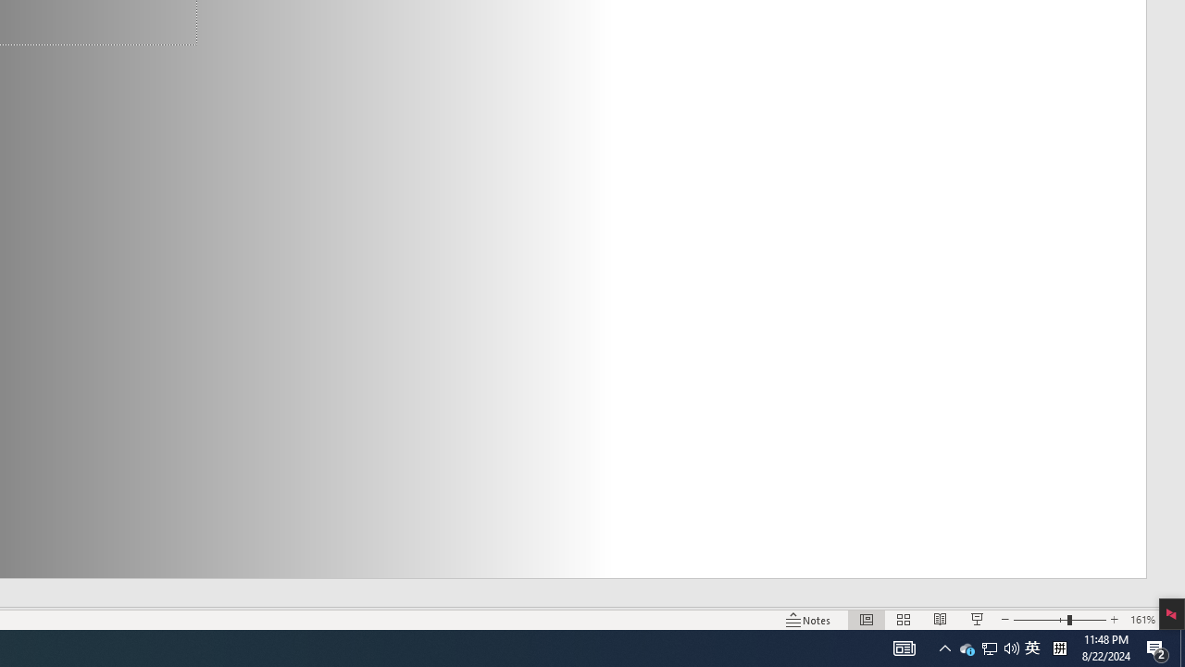 The width and height of the screenshot is (1185, 667). I want to click on 'Zoom Out', so click(1040, 620).